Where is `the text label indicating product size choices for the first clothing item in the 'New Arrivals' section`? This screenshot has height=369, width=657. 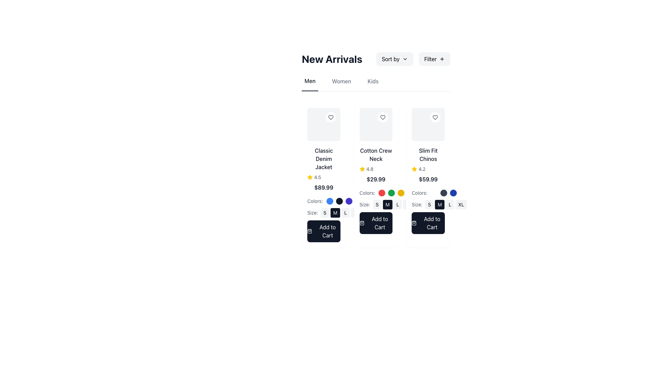 the text label indicating product size choices for the first clothing item in the 'New Arrivals' section is located at coordinates (312, 212).